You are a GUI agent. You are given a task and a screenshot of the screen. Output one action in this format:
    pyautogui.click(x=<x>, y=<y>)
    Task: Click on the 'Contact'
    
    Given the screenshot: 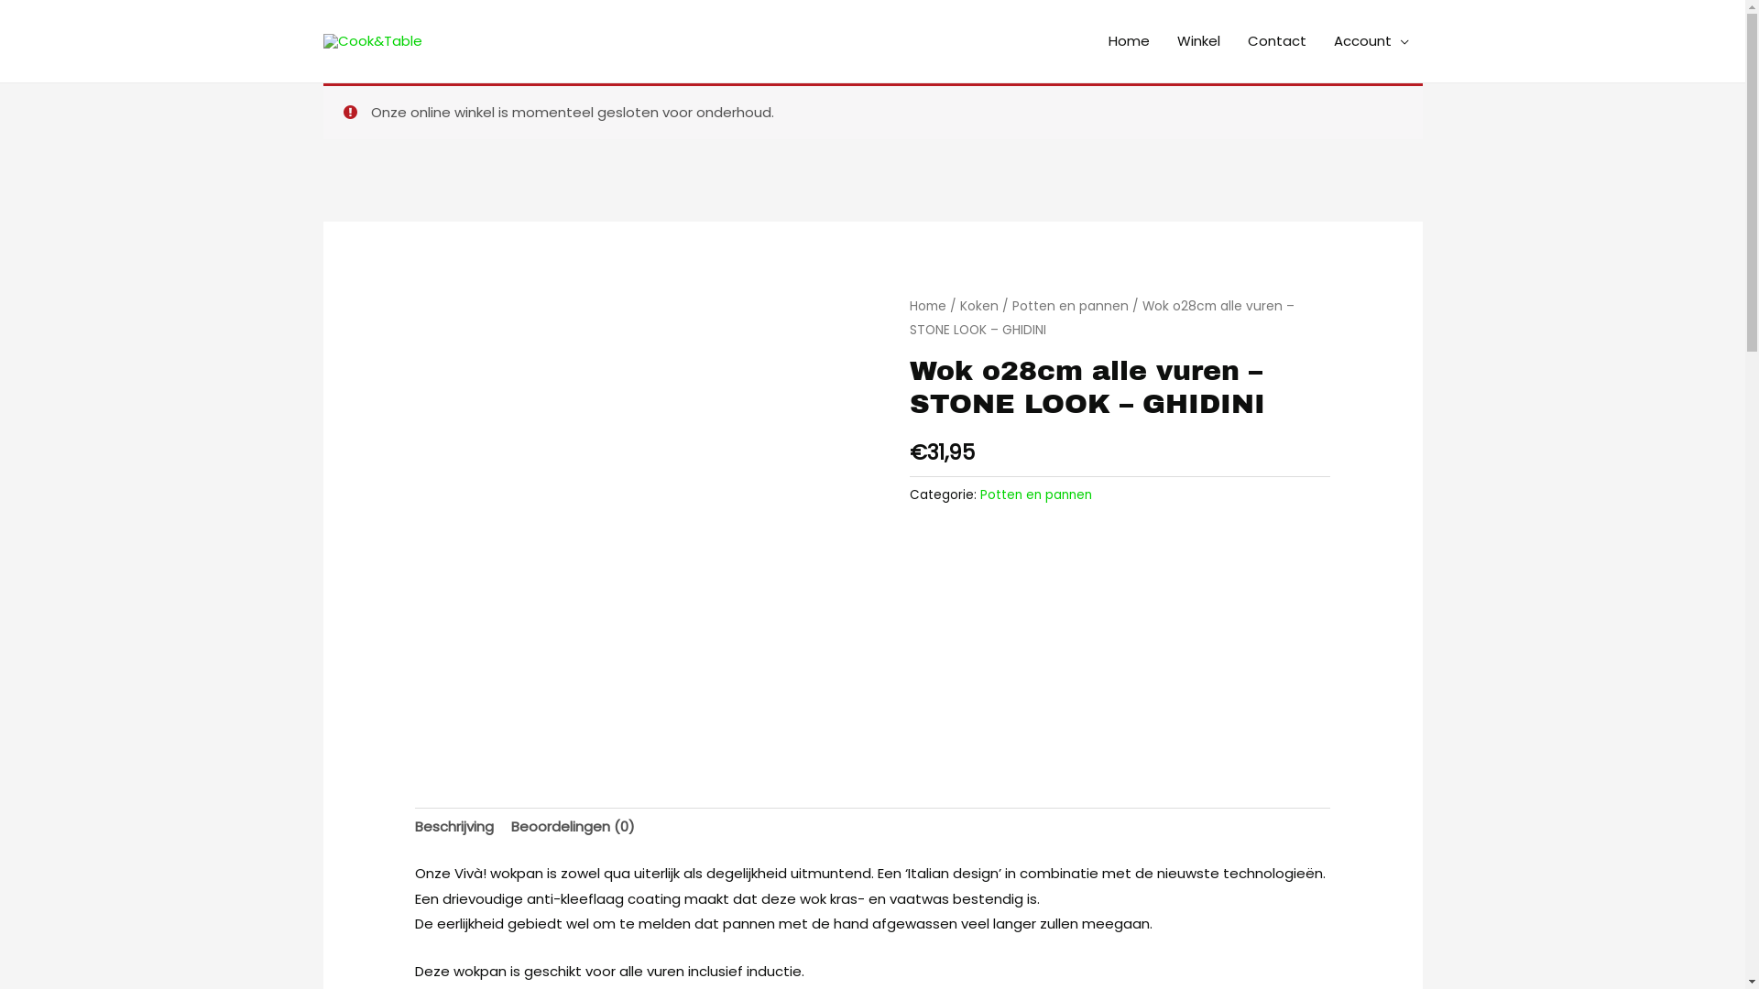 What is the action you would take?
    pyautogui.click(x=1274, y=41)
    